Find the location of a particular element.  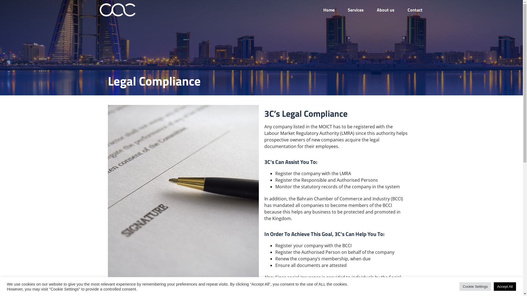

'3cs-legal-Compliance-inner' is located at coordinates (183, 193).